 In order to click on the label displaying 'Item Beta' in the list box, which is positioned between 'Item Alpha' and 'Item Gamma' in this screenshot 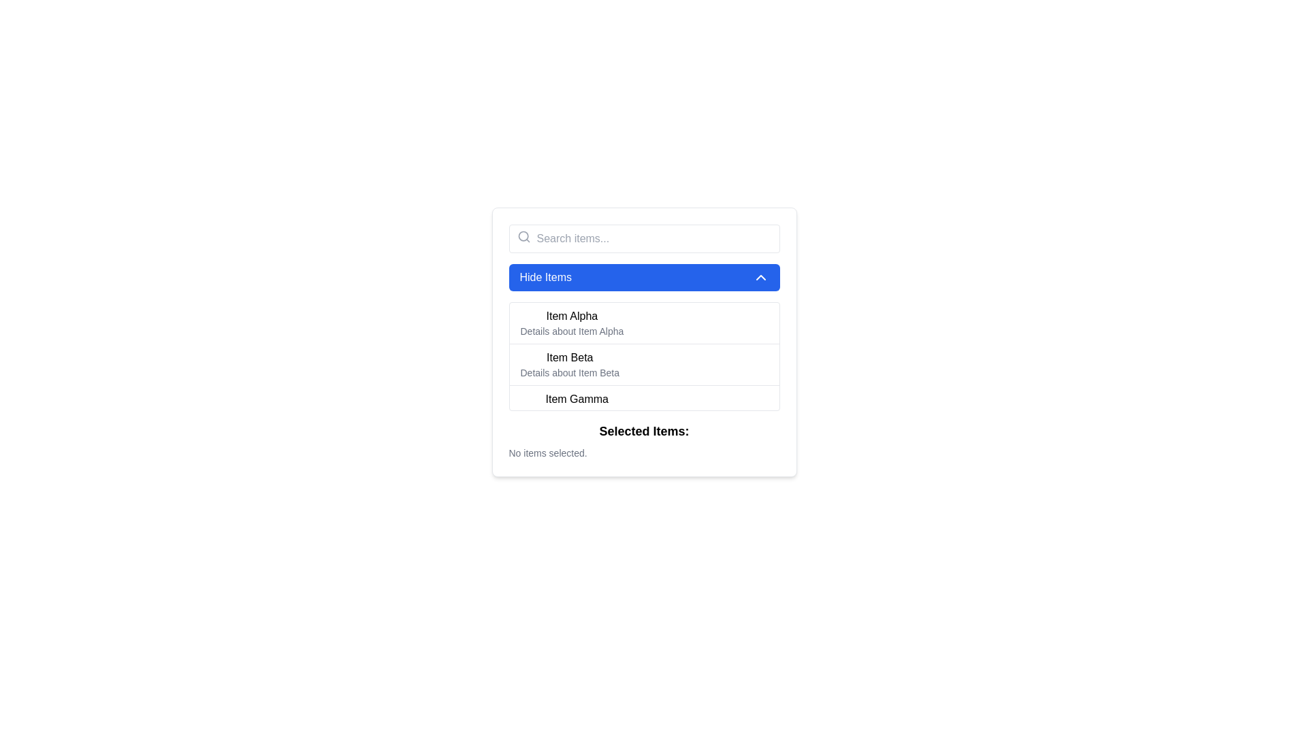, I will do `click(570, 357)`.